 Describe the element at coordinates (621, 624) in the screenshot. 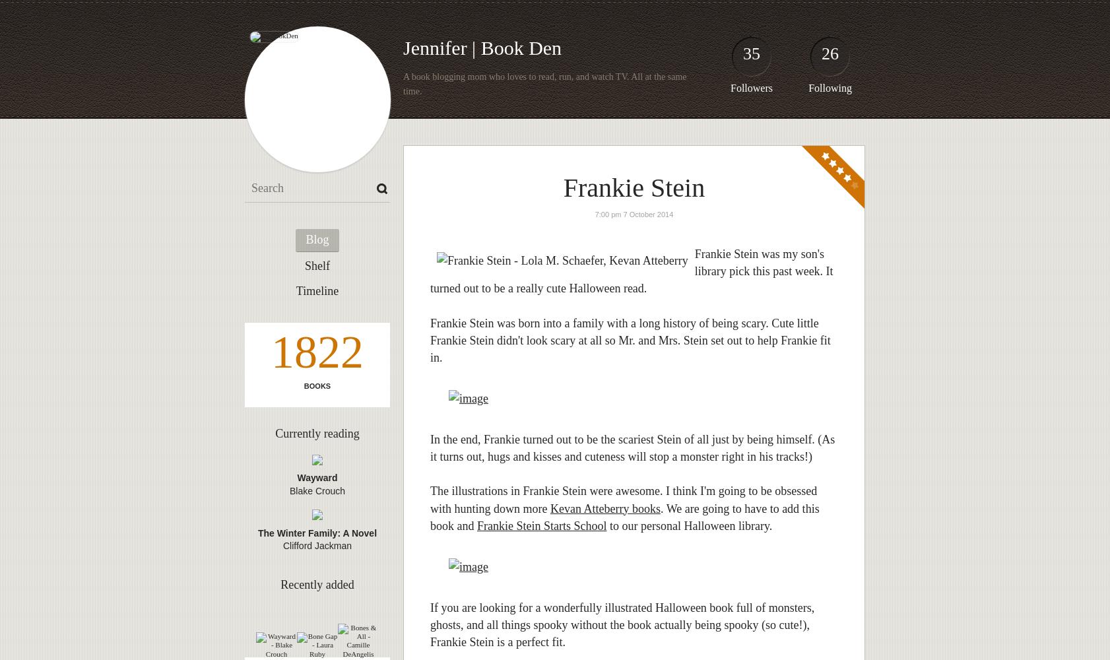

I see `'If you are looking for a wonderfully illustrated Halloween book full of monsters, ghosts, and all things spooky without the book actually being spooky (so cute!), Frankie Stein is a perfect fit.'` at that location.